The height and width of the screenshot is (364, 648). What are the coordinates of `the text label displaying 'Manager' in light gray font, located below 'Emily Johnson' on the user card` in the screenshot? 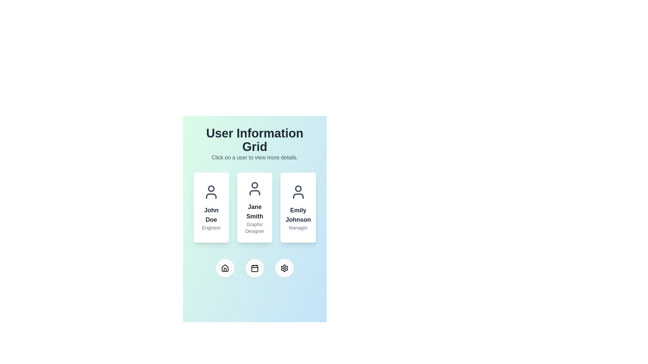 It's located at (298, 227).